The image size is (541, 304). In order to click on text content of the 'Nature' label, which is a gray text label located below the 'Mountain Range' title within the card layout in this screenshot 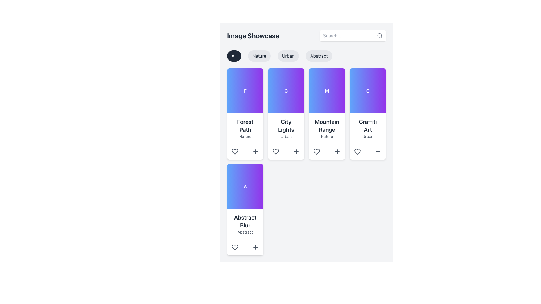, I will do `click(327, 137)`.